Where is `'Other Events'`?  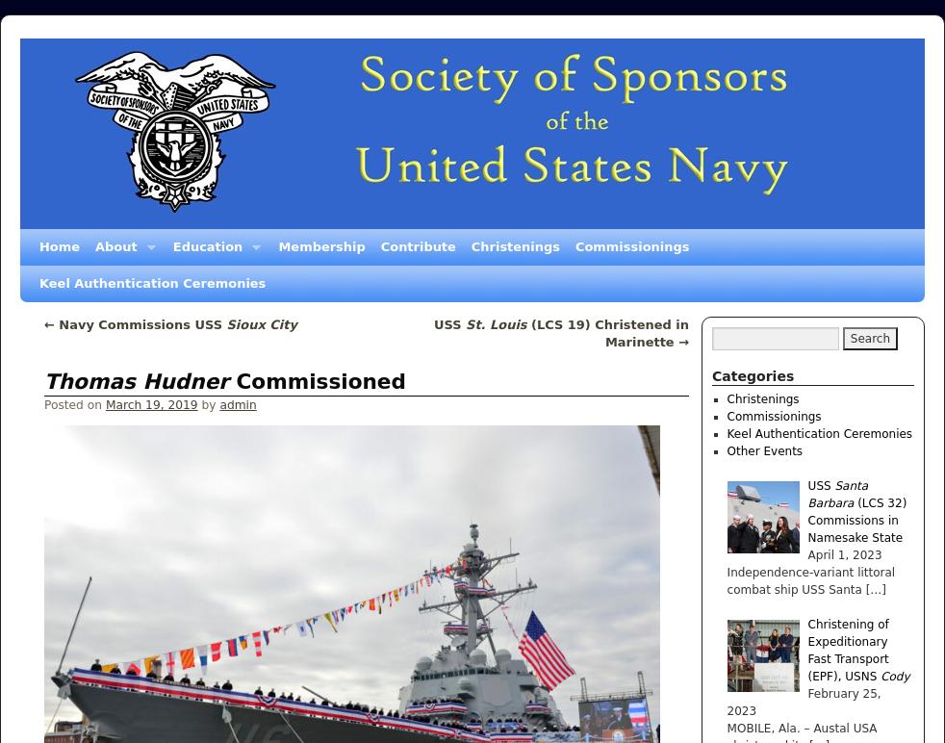
'Other Events' is located at coordinates (764, 450).